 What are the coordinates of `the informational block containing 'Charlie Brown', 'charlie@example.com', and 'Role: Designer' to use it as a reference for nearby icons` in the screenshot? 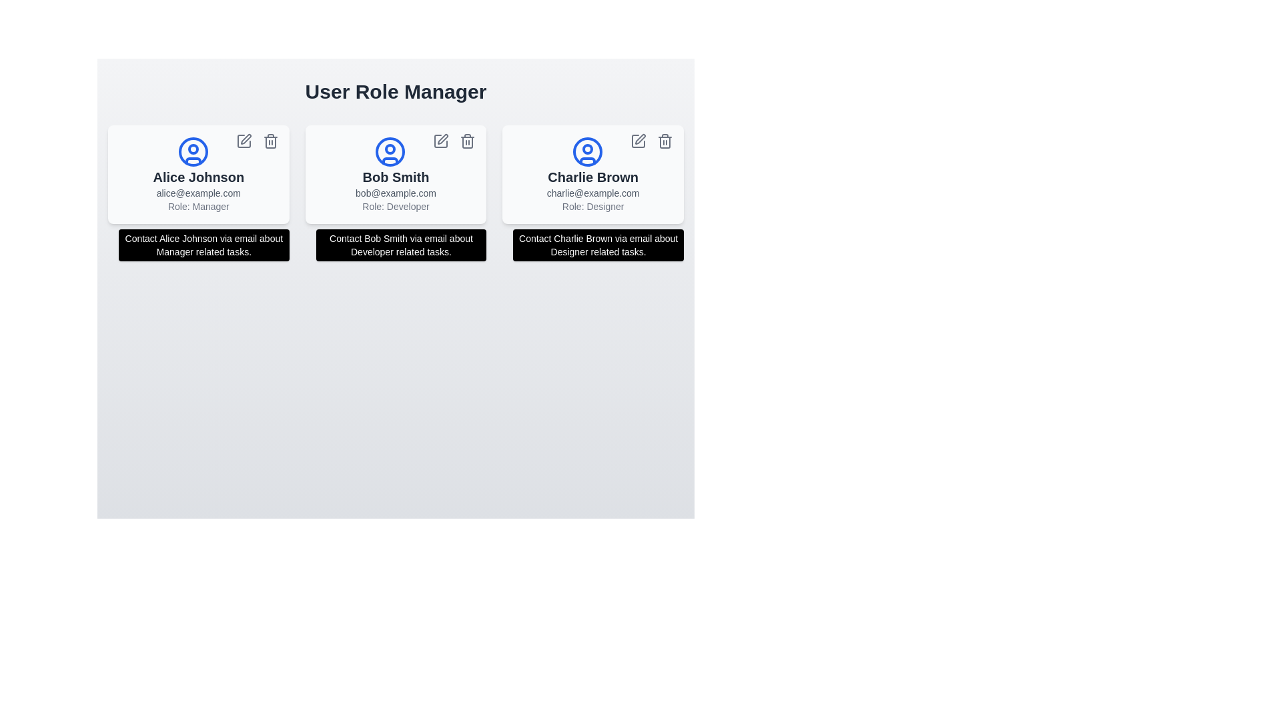 It's located at (592, 190).